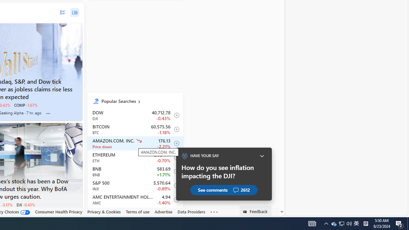 The height and width of the screenshot is (230, 409). Describe the element at coordinates (58, 211) in the screenshot. I see `'Consumer Health Privacy'` at that location.